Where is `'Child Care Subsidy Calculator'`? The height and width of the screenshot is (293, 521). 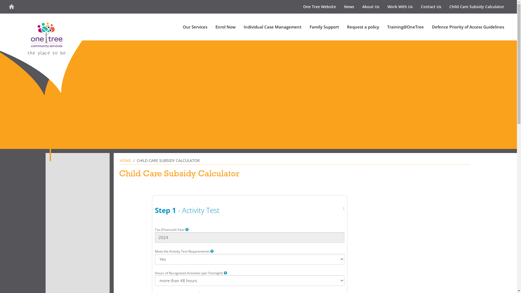
'Child Care Subsidy Calculator' is located at coordinates (445, 7).